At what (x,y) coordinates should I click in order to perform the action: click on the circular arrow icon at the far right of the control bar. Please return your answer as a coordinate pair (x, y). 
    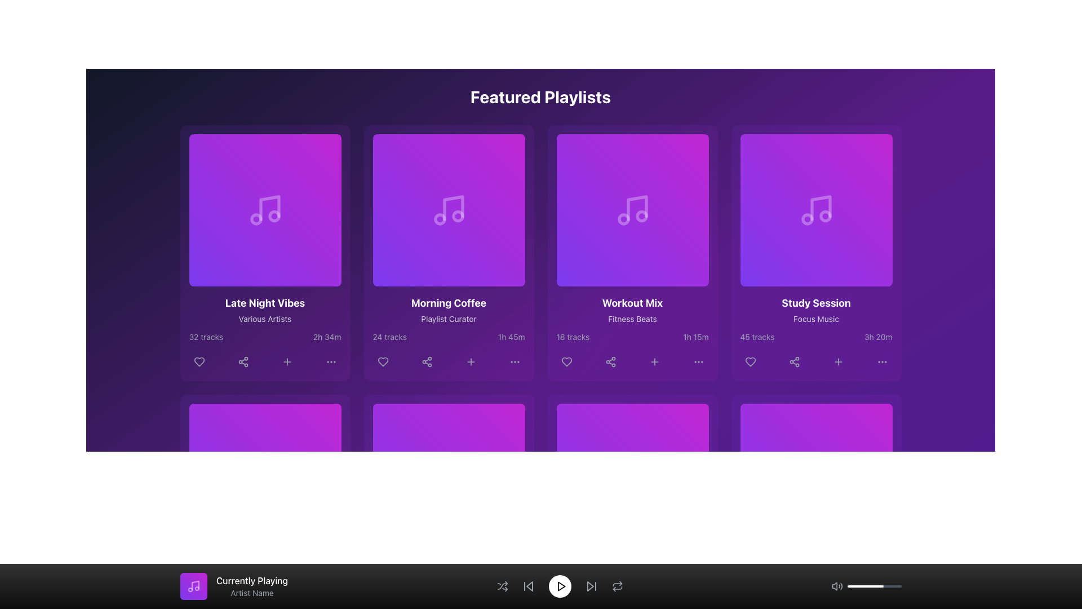
    Looking at the image, I should click on (617, 586).